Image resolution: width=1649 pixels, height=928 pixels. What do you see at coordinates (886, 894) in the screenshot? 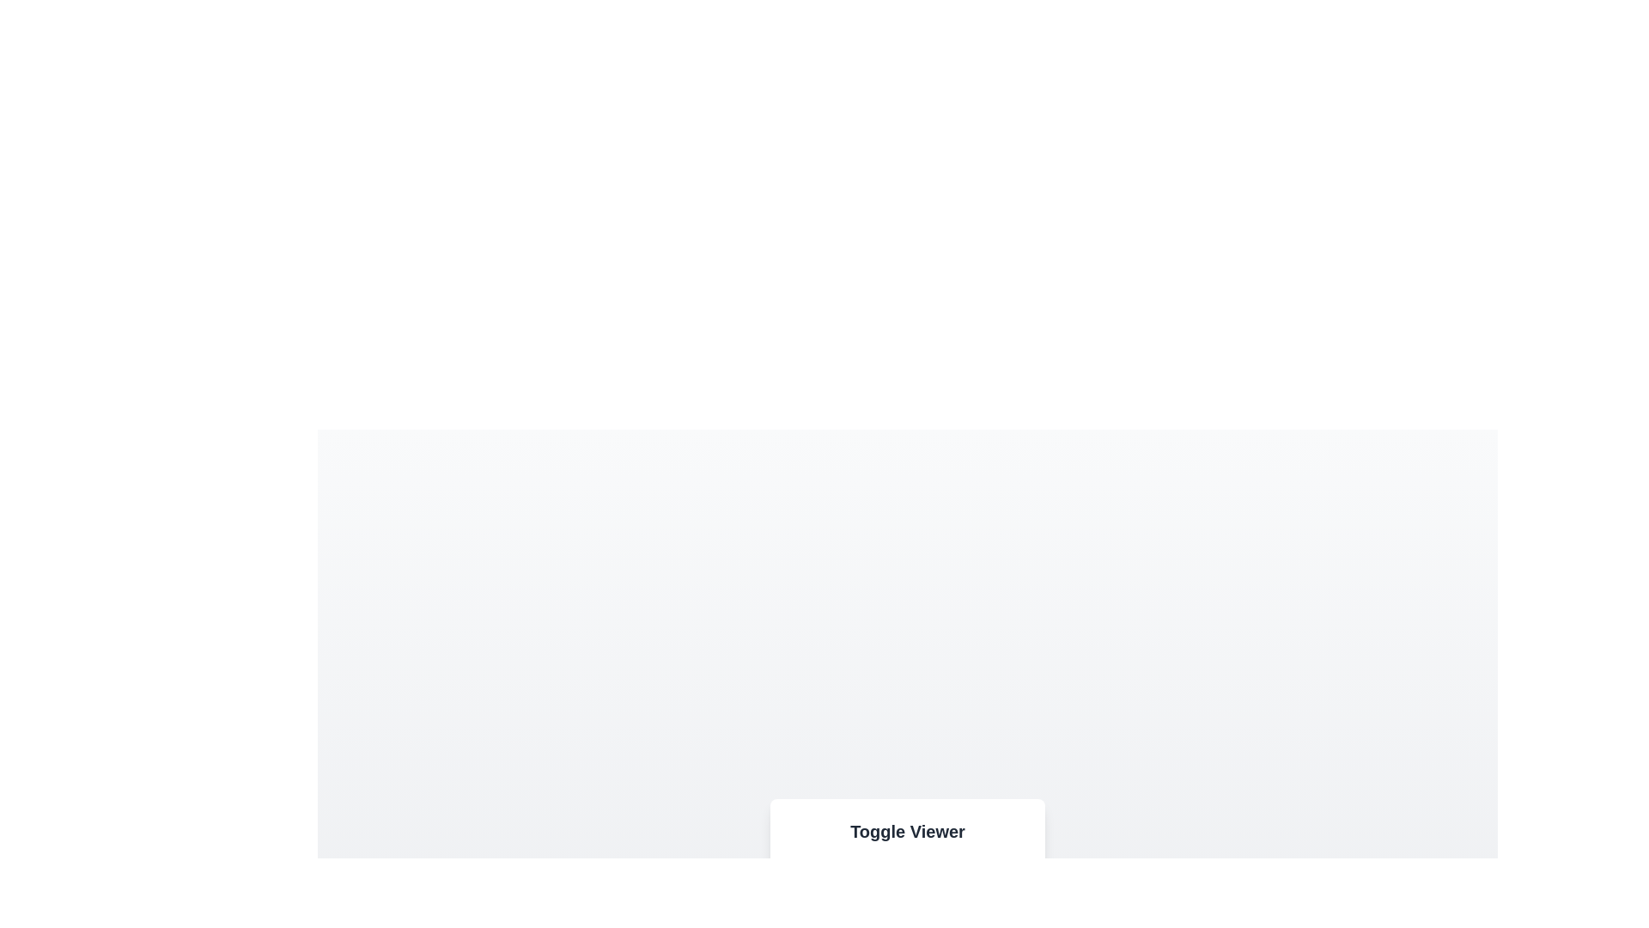
I see `the Video button to select it` at bounding box center [886, 894].